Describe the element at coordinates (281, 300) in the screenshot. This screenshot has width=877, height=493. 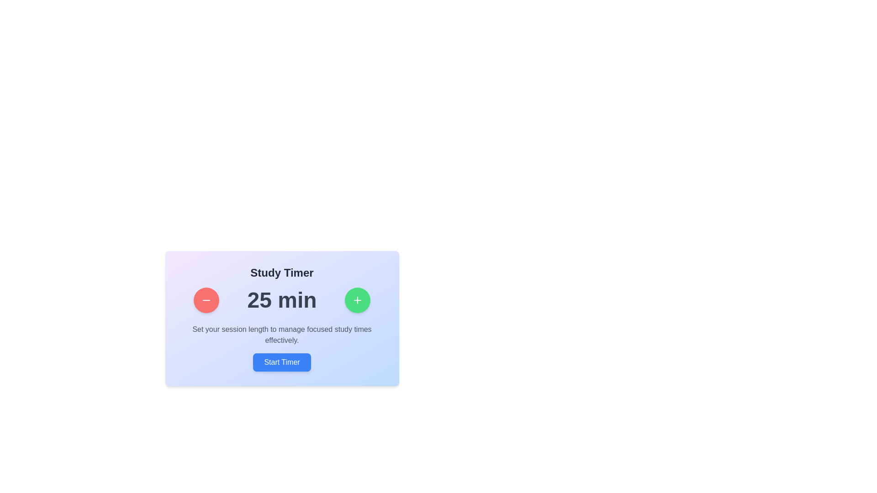
I see `the text label that displays the current value of a timer, positioned centrally between a red minus button and a green plus button` at that location.